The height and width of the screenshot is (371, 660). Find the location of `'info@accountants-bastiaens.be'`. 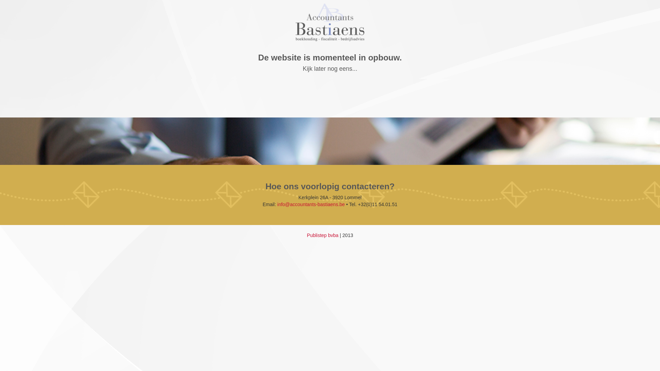

'info@accountants-bastiaens.be' is located at coordinates (311, 204).